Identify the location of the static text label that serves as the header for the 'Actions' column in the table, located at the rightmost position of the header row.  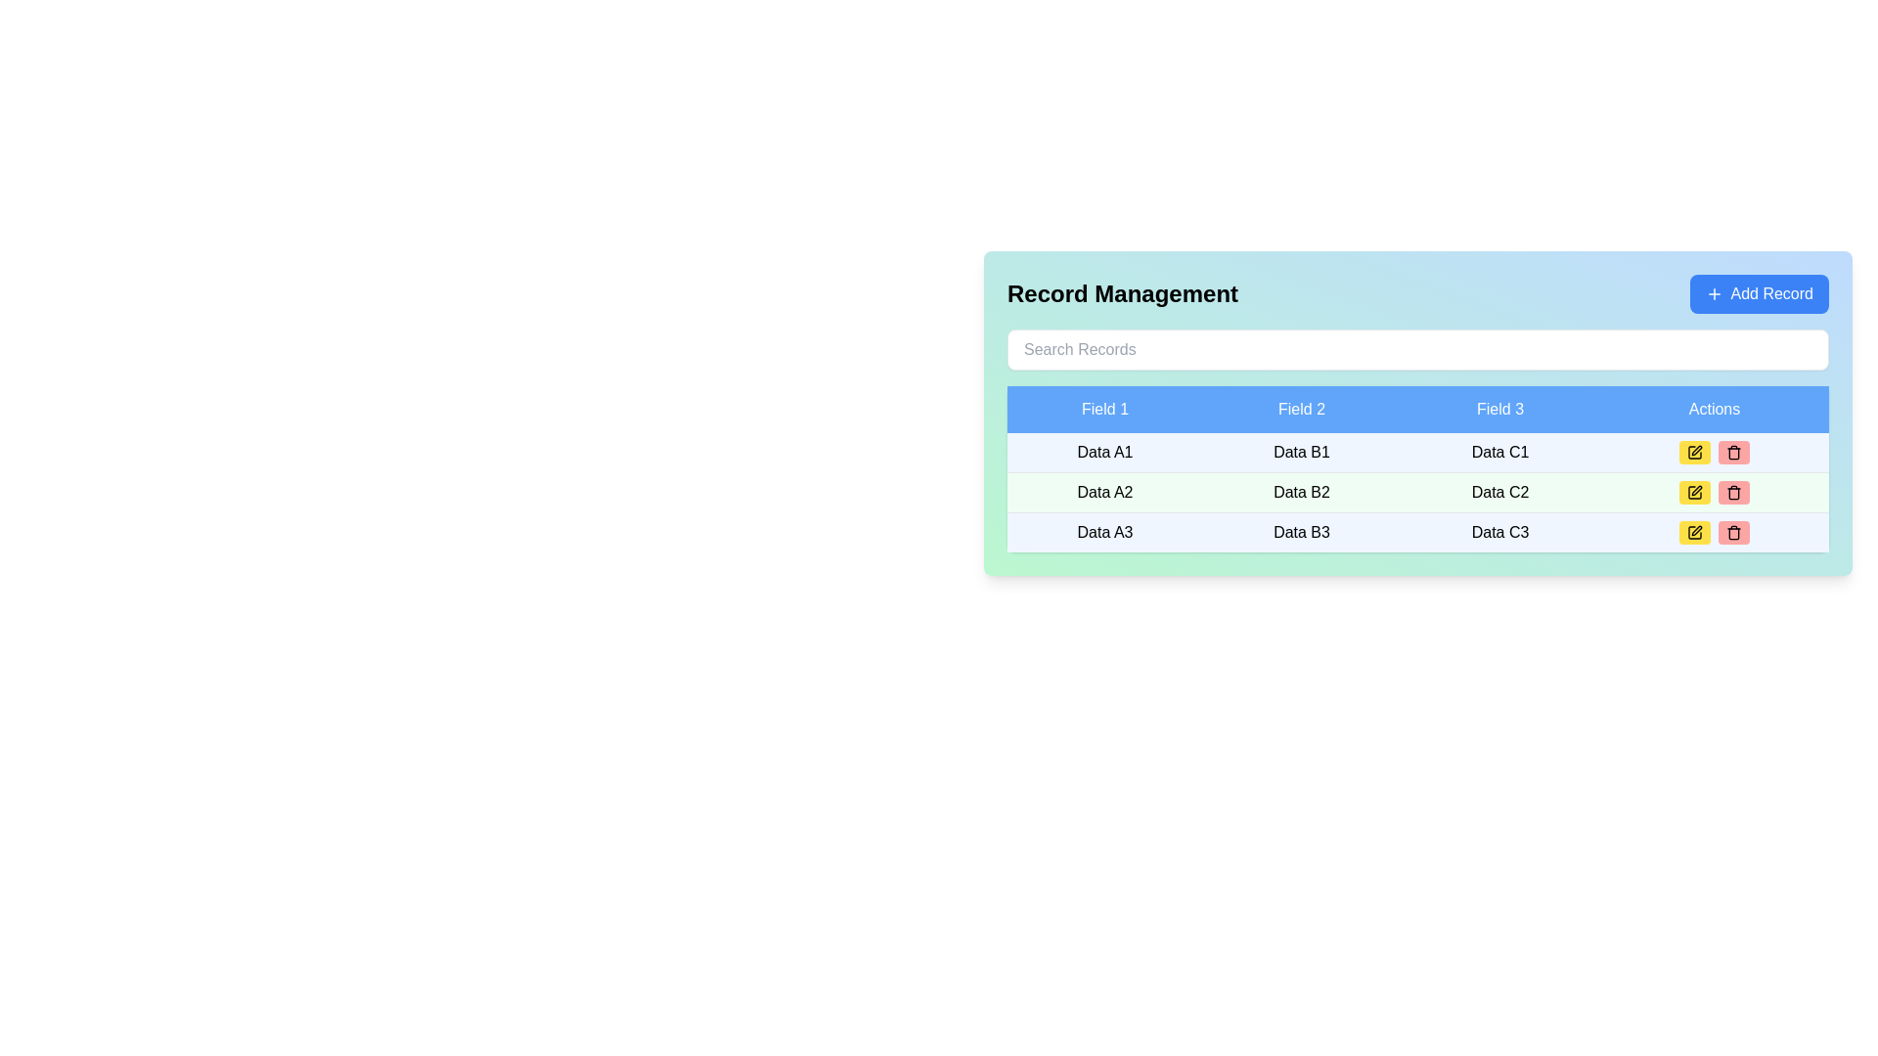
(1713, 409).